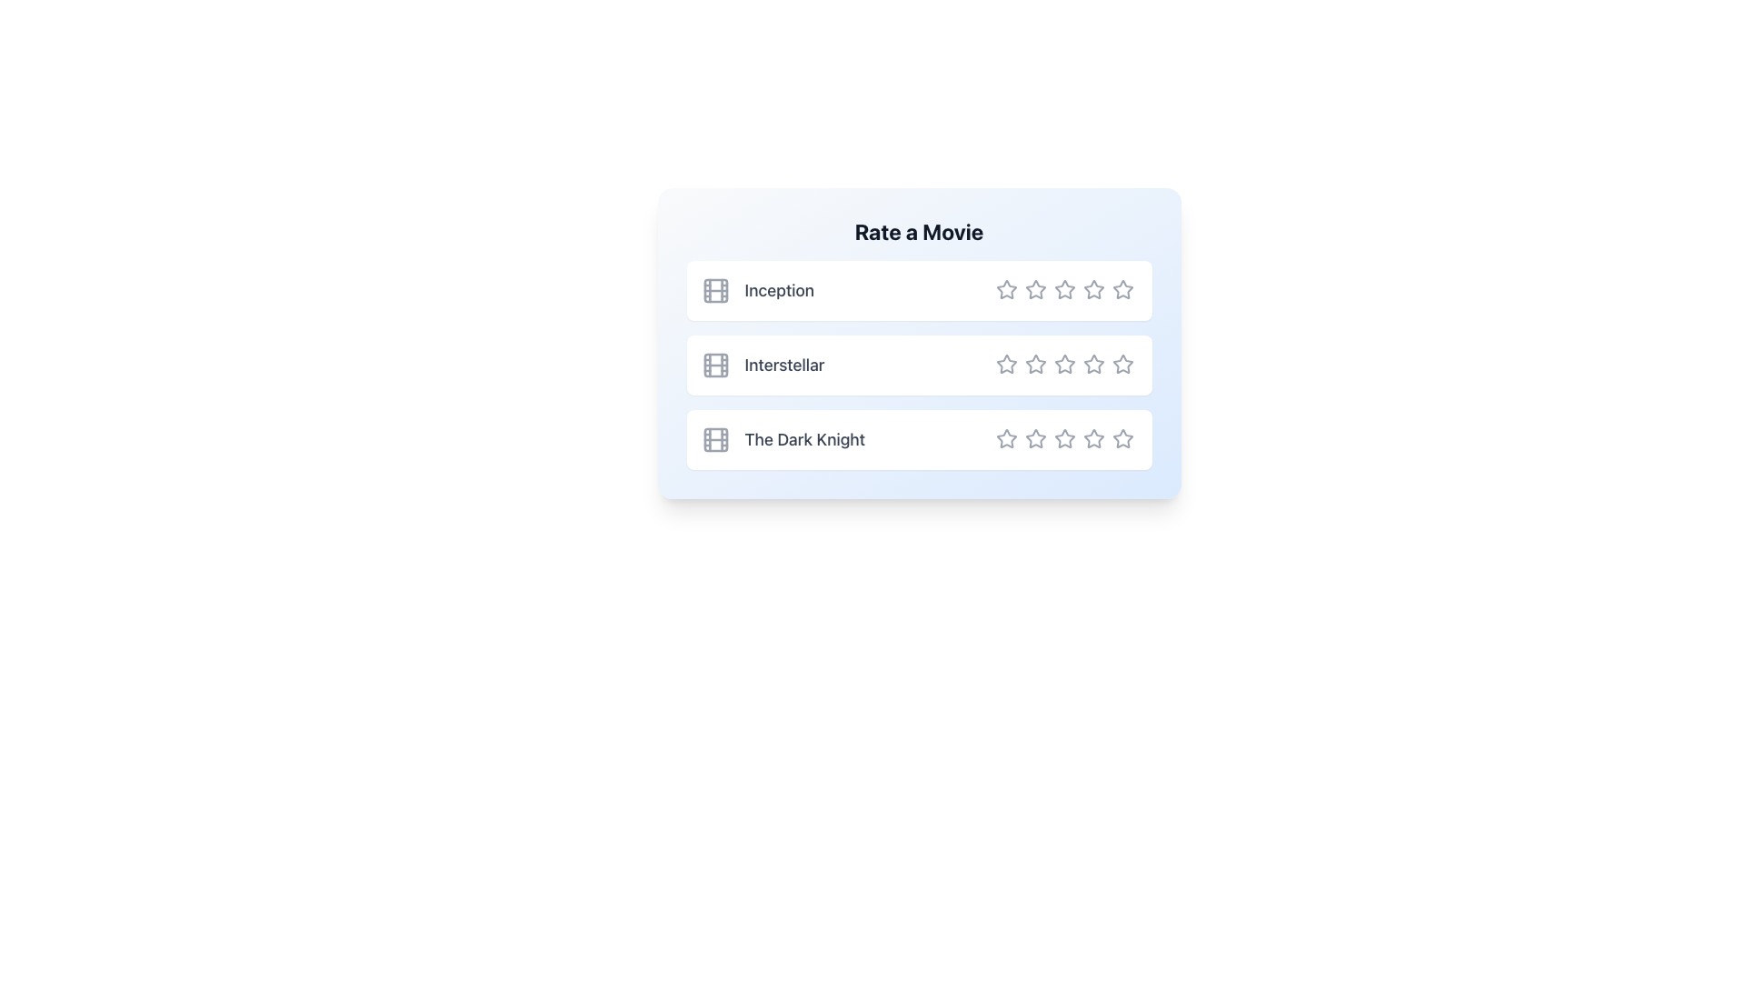 The height and width of the screenshot is (982, 1745). I want to click on the third star in the five-star rating system for the movie 'The Dark Knight', so click(1064, 438).